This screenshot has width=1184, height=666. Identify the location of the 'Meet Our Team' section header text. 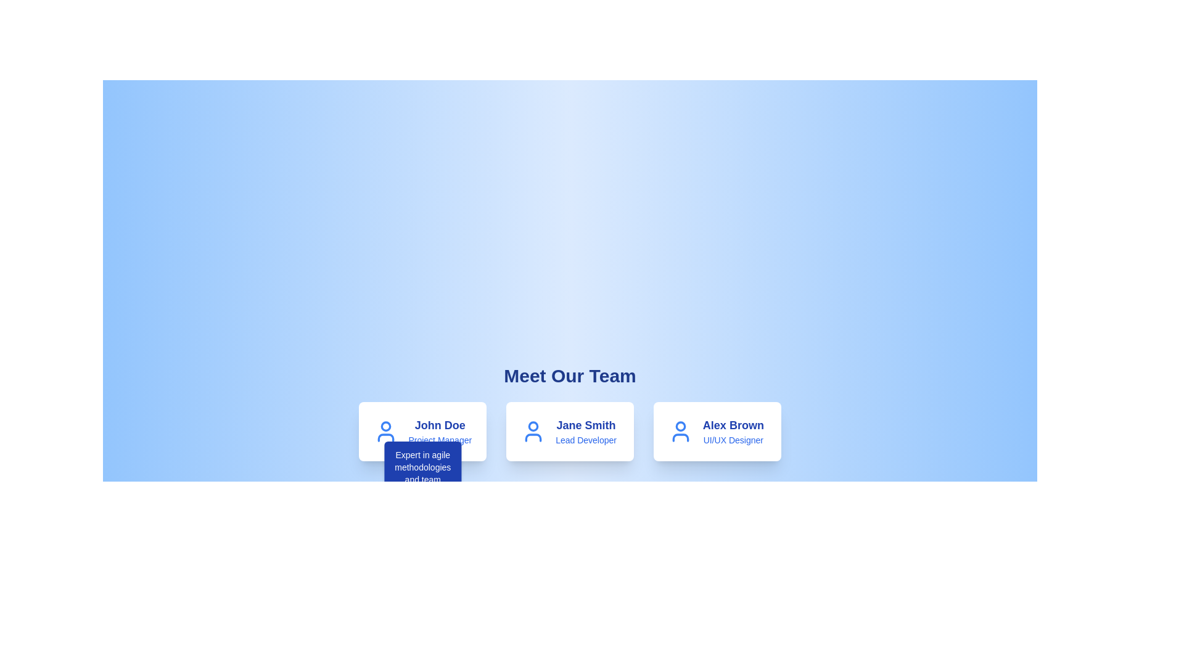
(569, 375).